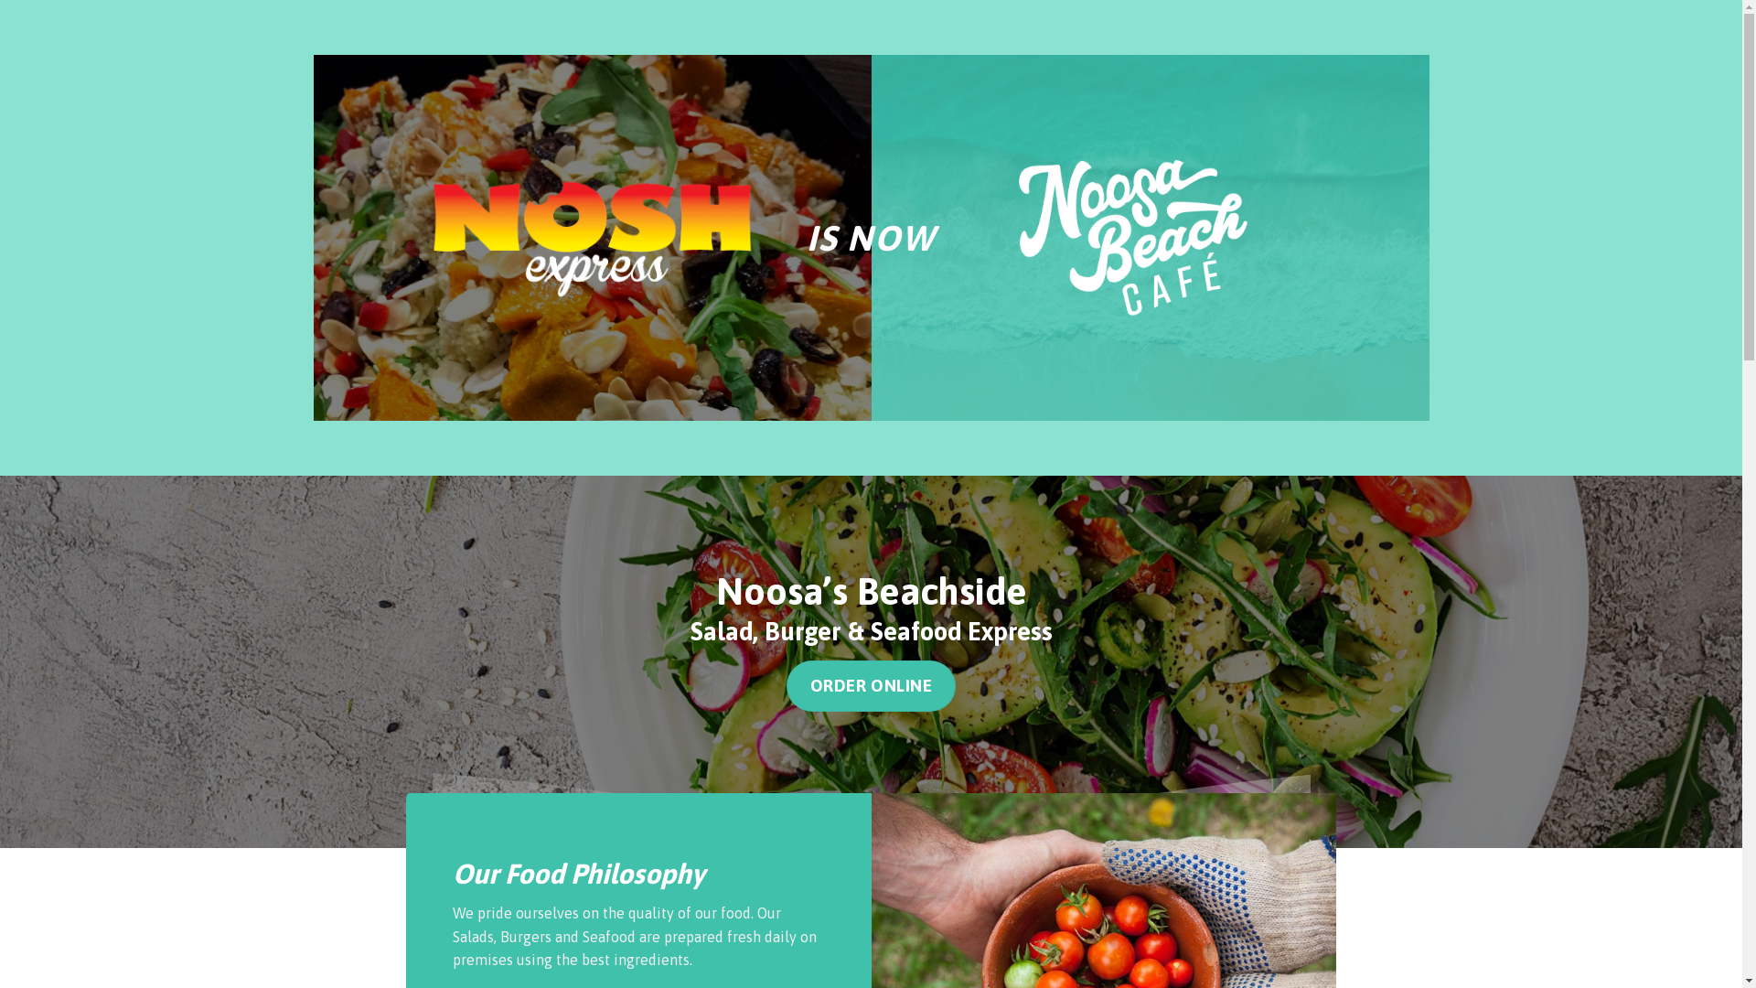  I want to click on 'ORDER ONLINE', so click(871, 685).